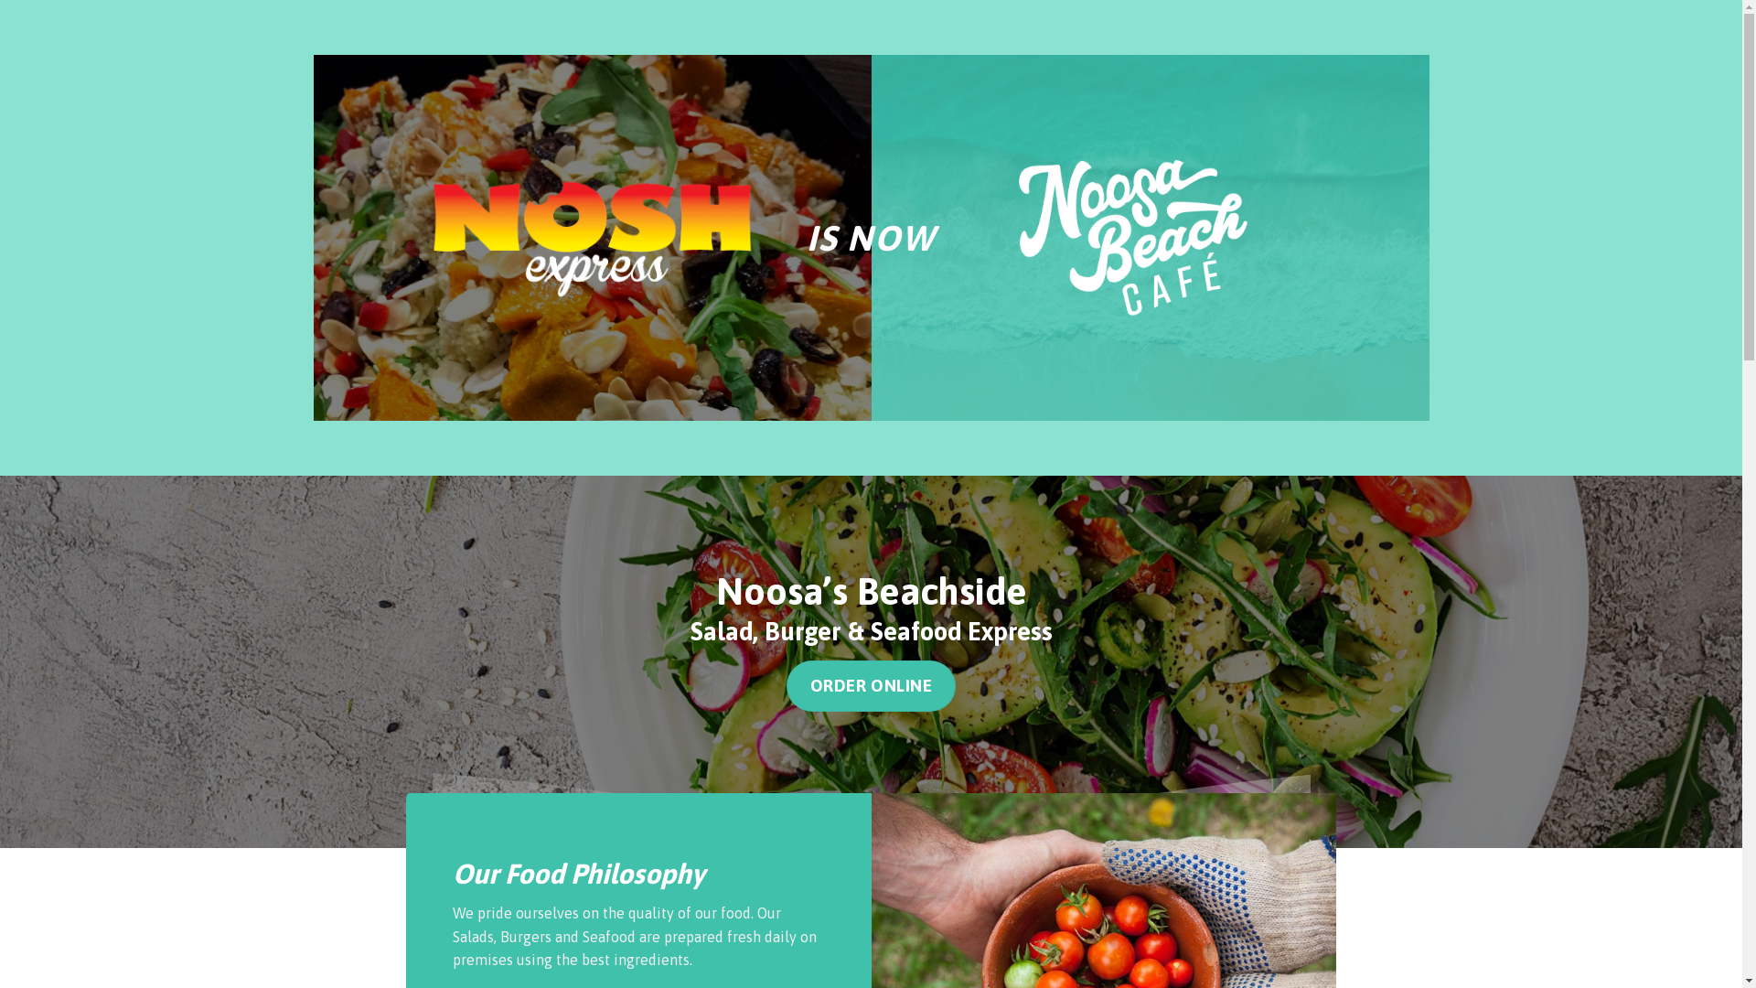  I want to click on 'ORDER ONLINE', so click(871, 685).